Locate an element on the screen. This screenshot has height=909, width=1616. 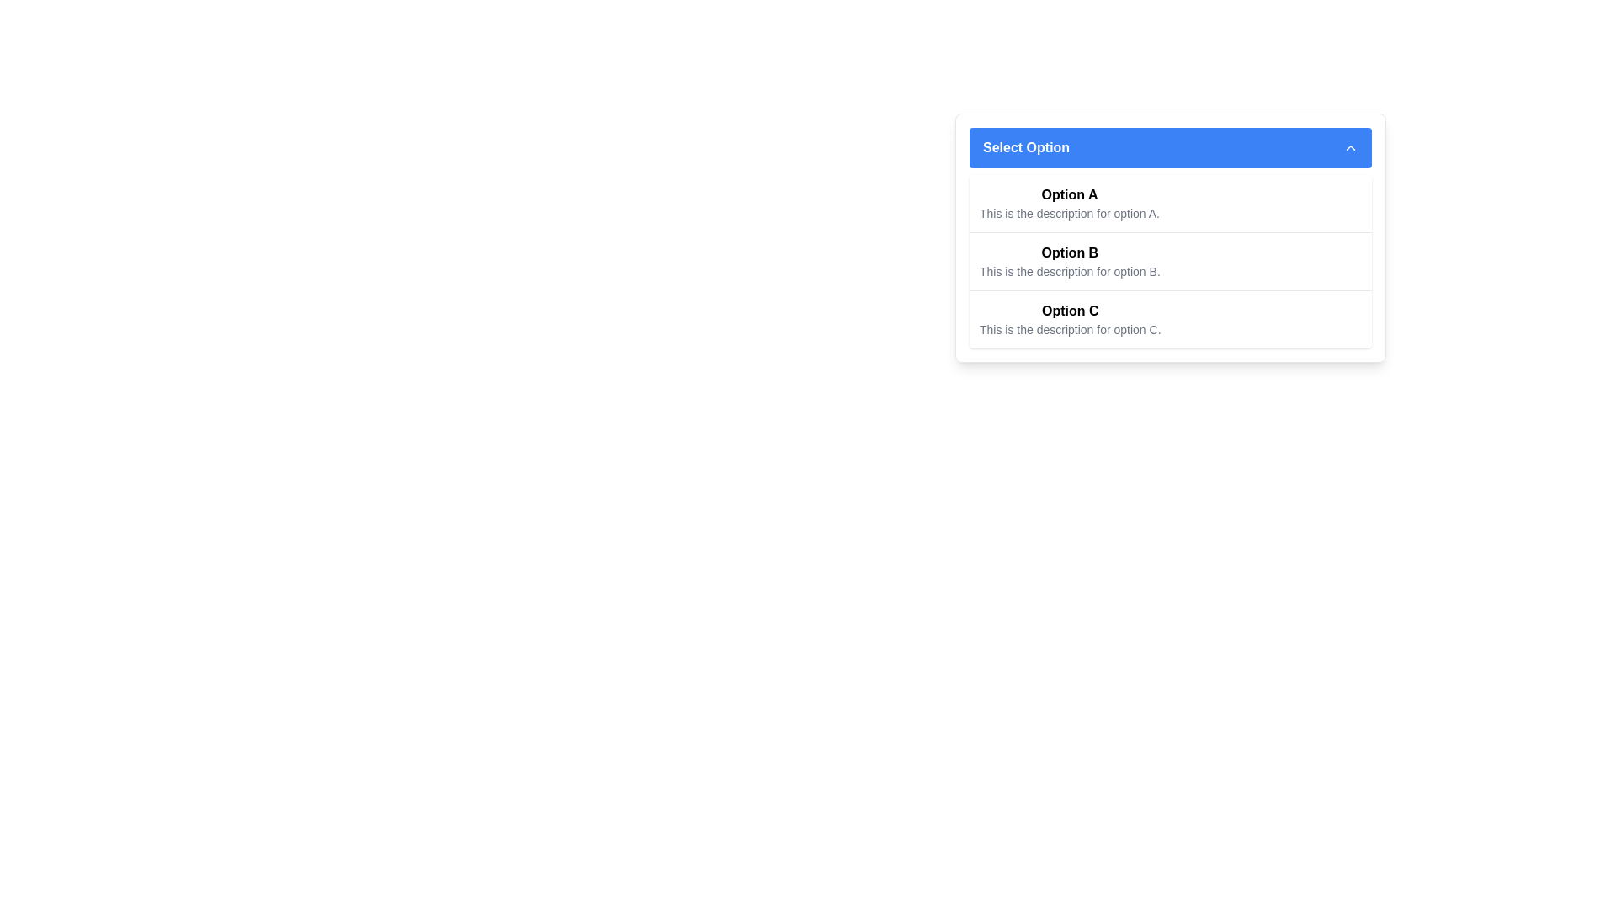
the Text Label that serves as the title of the dropdown menu, located near the top-left section of the dropdown component with a blue title bar, to indicate its current state or purpose is located at coordinates (1025, 147).